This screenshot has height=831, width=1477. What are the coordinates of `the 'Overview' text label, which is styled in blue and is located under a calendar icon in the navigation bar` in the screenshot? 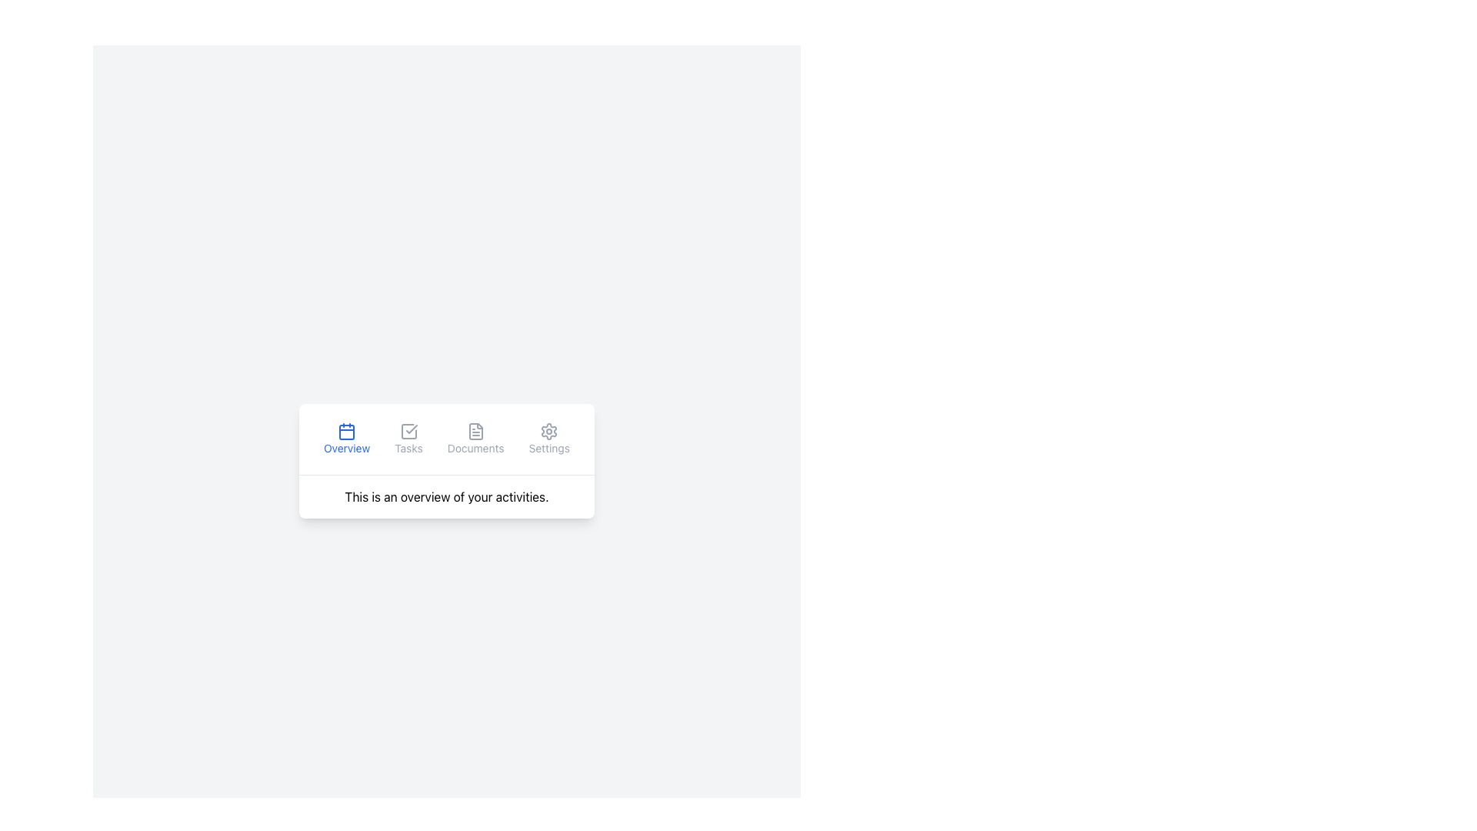 It's located at (346, 448).